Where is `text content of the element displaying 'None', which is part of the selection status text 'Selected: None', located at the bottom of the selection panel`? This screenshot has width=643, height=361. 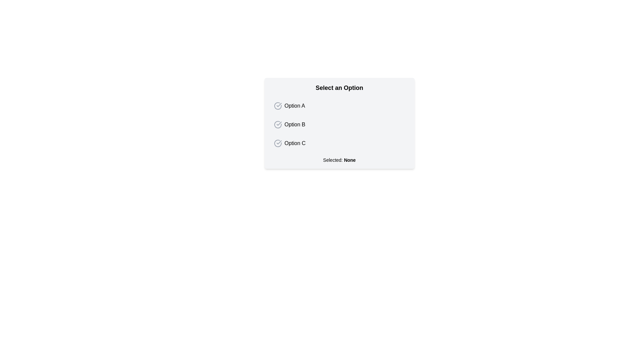 text content of the element displaying 'None', which is part of the selection status text 'Selected: None', located at the bottom of the selection panel is located at coordinates (349, 160).